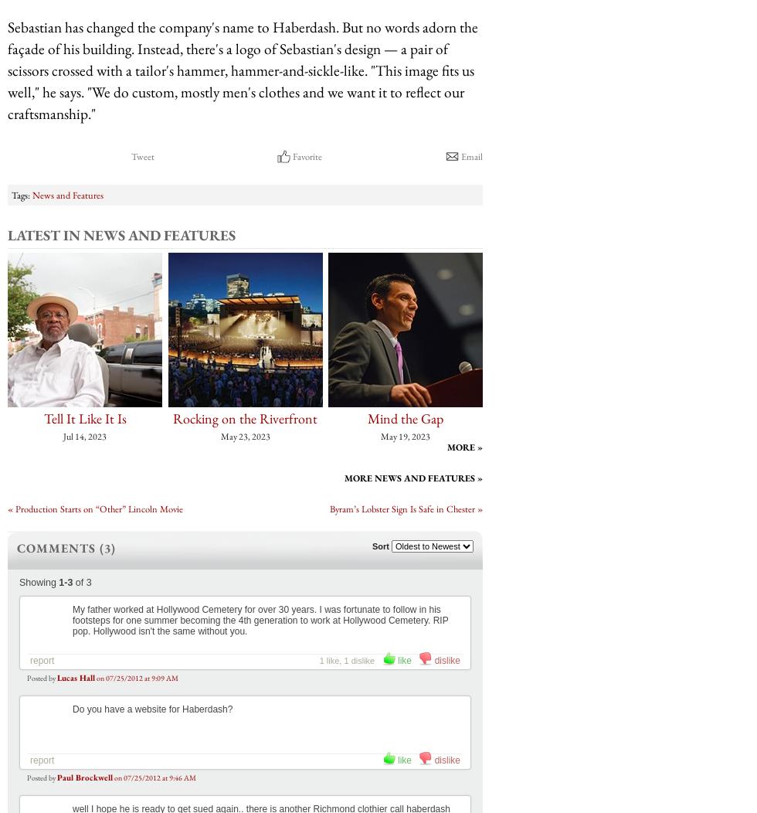  I want to click on 'like,', so click(333, 659).